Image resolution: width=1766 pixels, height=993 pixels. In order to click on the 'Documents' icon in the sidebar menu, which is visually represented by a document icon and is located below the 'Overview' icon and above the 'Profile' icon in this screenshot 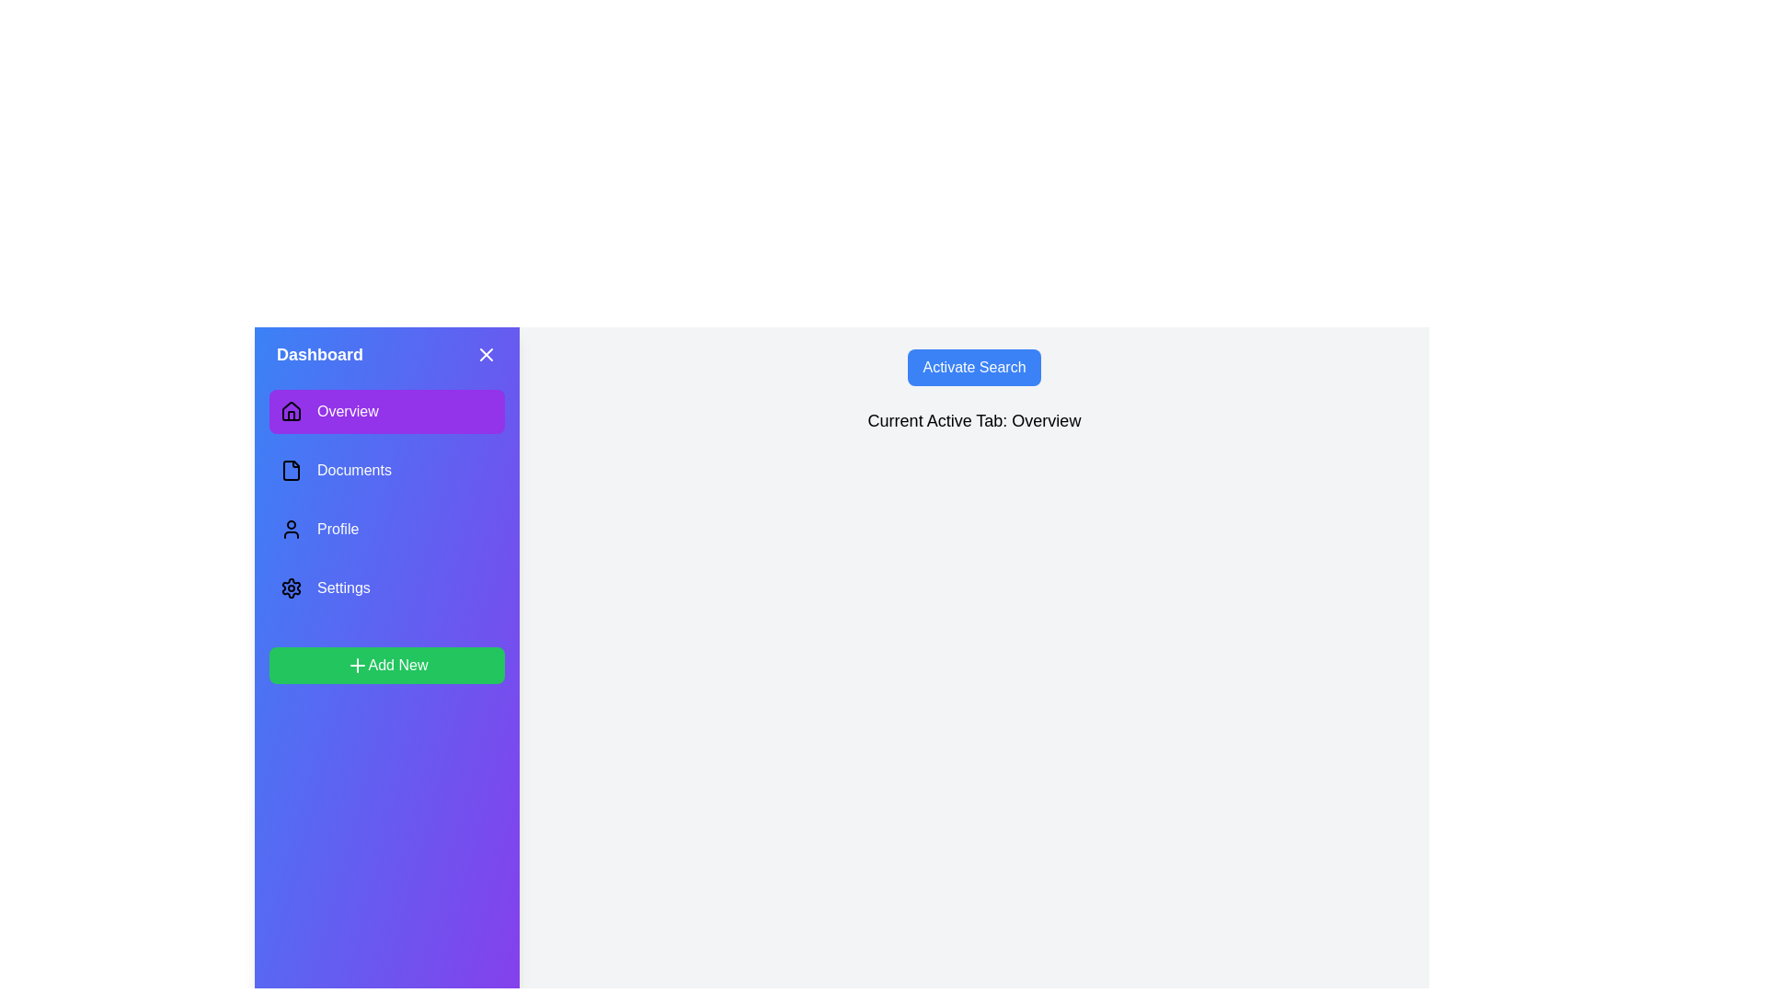, I will do `click(290, 470)`.